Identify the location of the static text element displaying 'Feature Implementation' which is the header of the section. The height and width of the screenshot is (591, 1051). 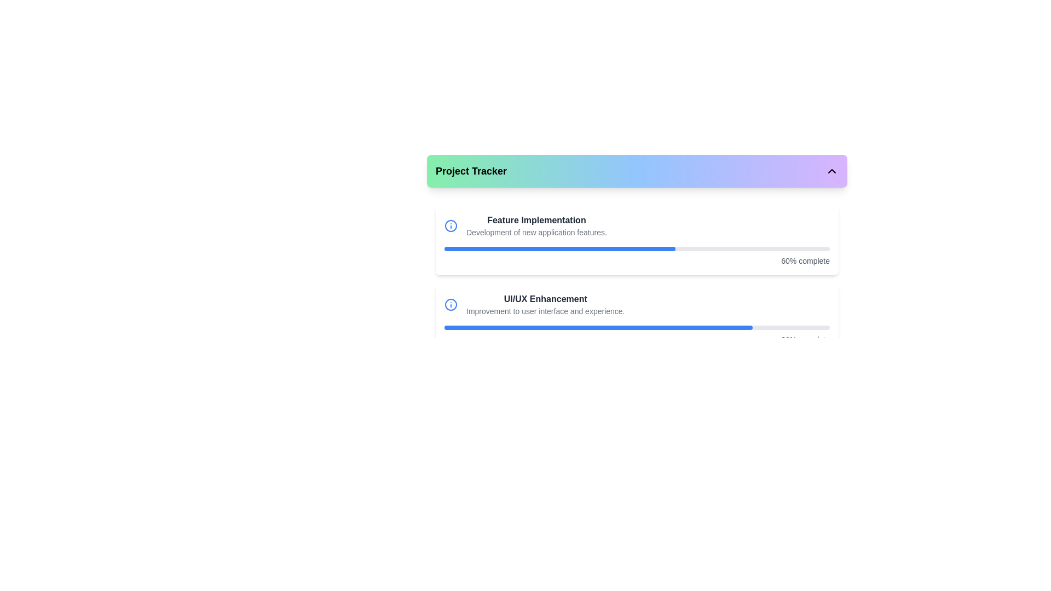
(536, 220).